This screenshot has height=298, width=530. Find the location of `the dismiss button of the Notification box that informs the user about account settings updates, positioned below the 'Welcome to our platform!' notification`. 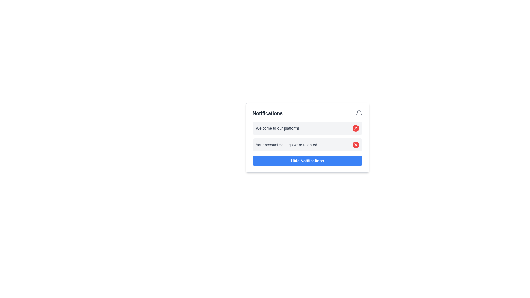

the dismiss button of the Notification box that informs the user about account settings updates, positioned below the 'Welcome to our platform!' notification is located at coordinates (307, 144).